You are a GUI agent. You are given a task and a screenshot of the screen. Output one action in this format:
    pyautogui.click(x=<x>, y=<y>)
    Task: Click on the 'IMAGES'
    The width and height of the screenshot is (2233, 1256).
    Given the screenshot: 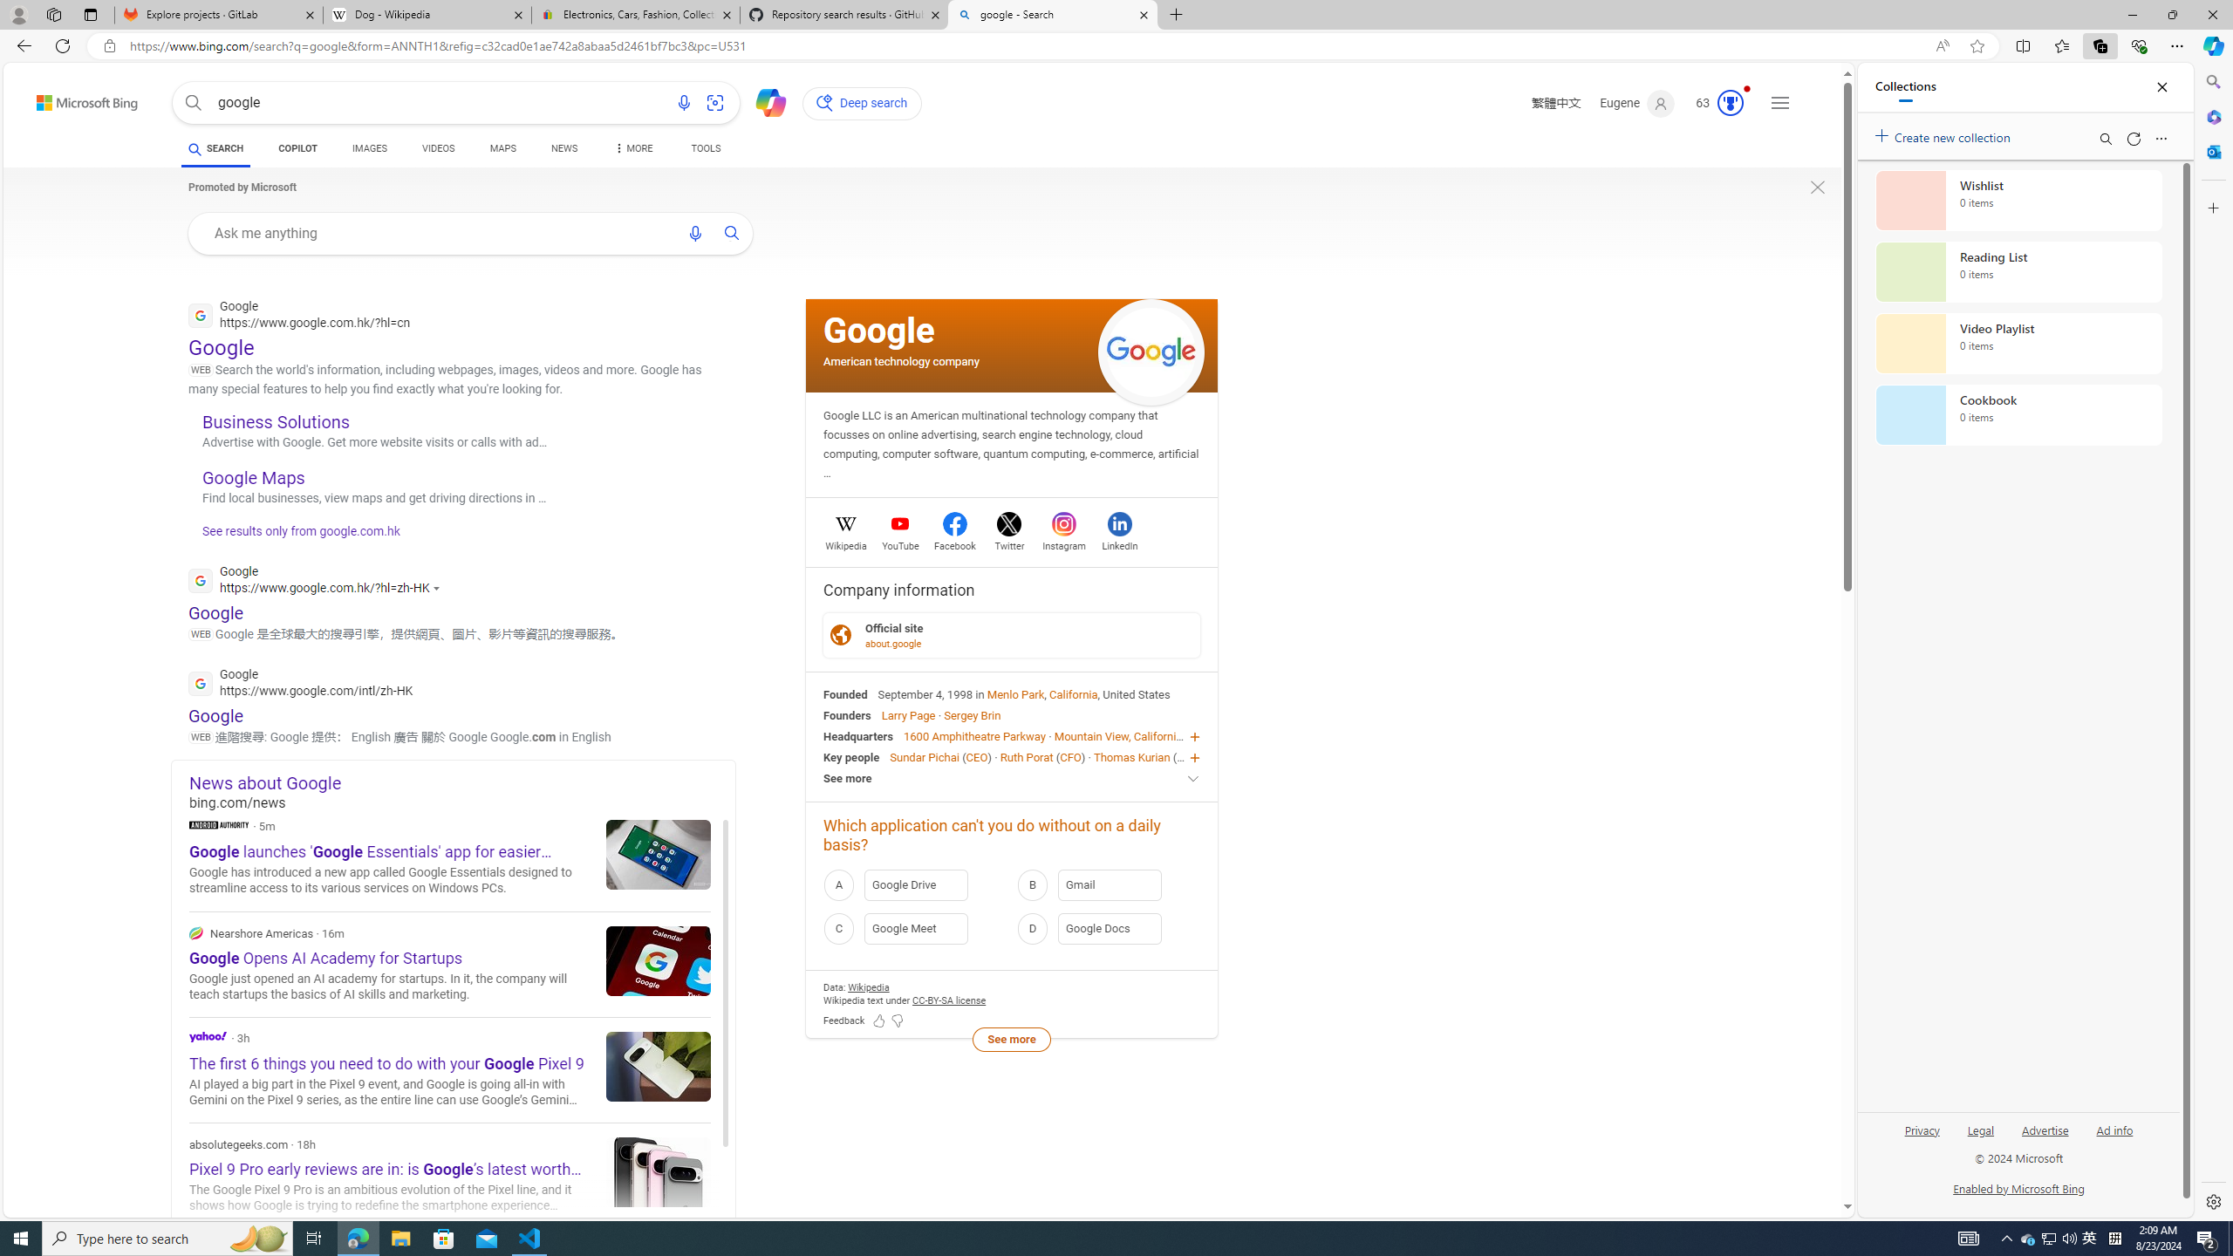 What is the action you would take?
    pyautogui.click(x=369, y=147)
    